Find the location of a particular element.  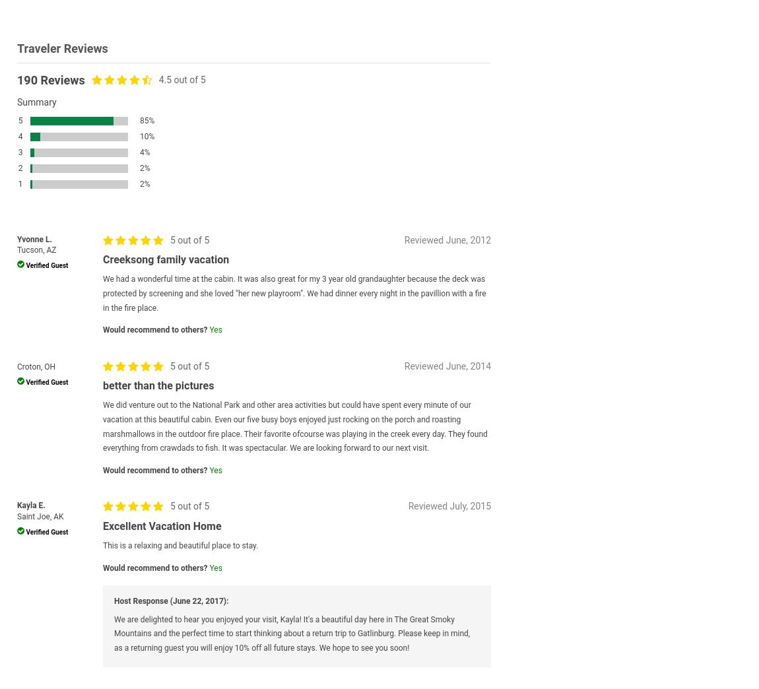

'Croton, OH' is located at coordinates (35, 365).